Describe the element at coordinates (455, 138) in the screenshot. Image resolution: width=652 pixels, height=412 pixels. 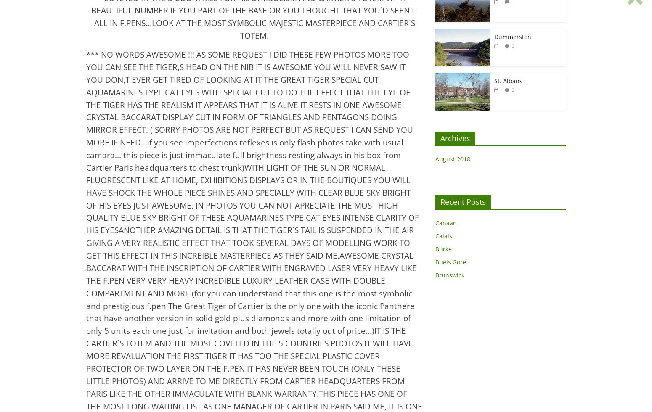
I see `'Archives'` at that location.